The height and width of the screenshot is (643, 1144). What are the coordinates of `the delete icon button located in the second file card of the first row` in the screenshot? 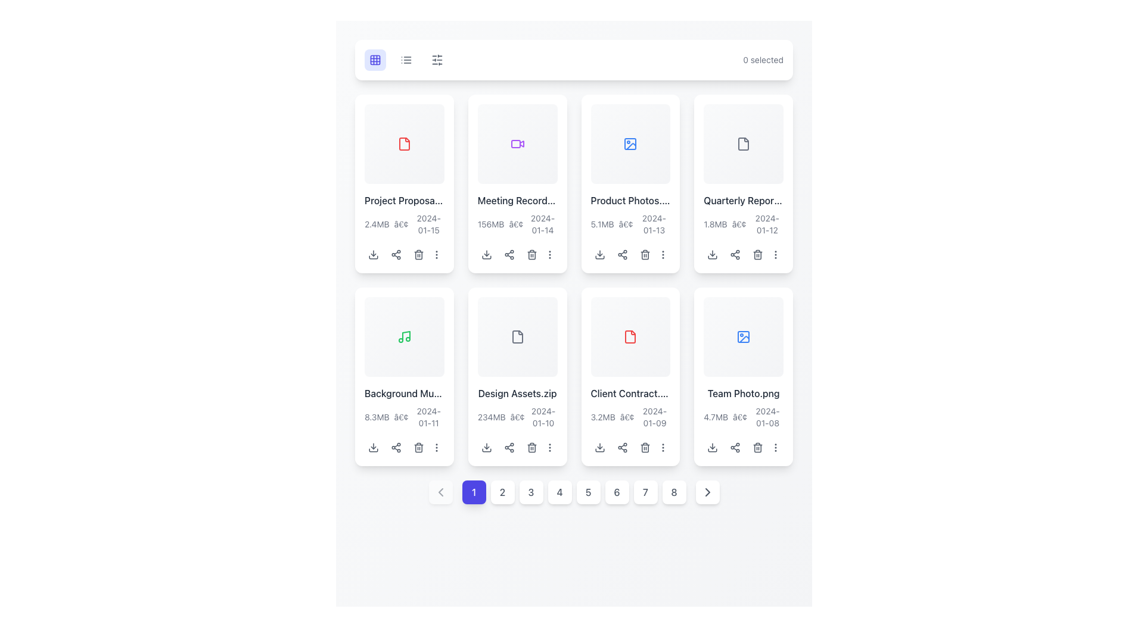 It's located at (531, 254).